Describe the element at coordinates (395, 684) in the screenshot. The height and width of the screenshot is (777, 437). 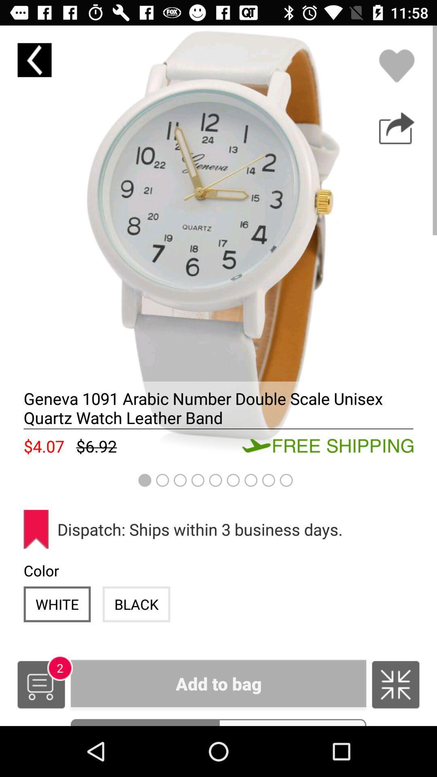
I see `change language` at that location.